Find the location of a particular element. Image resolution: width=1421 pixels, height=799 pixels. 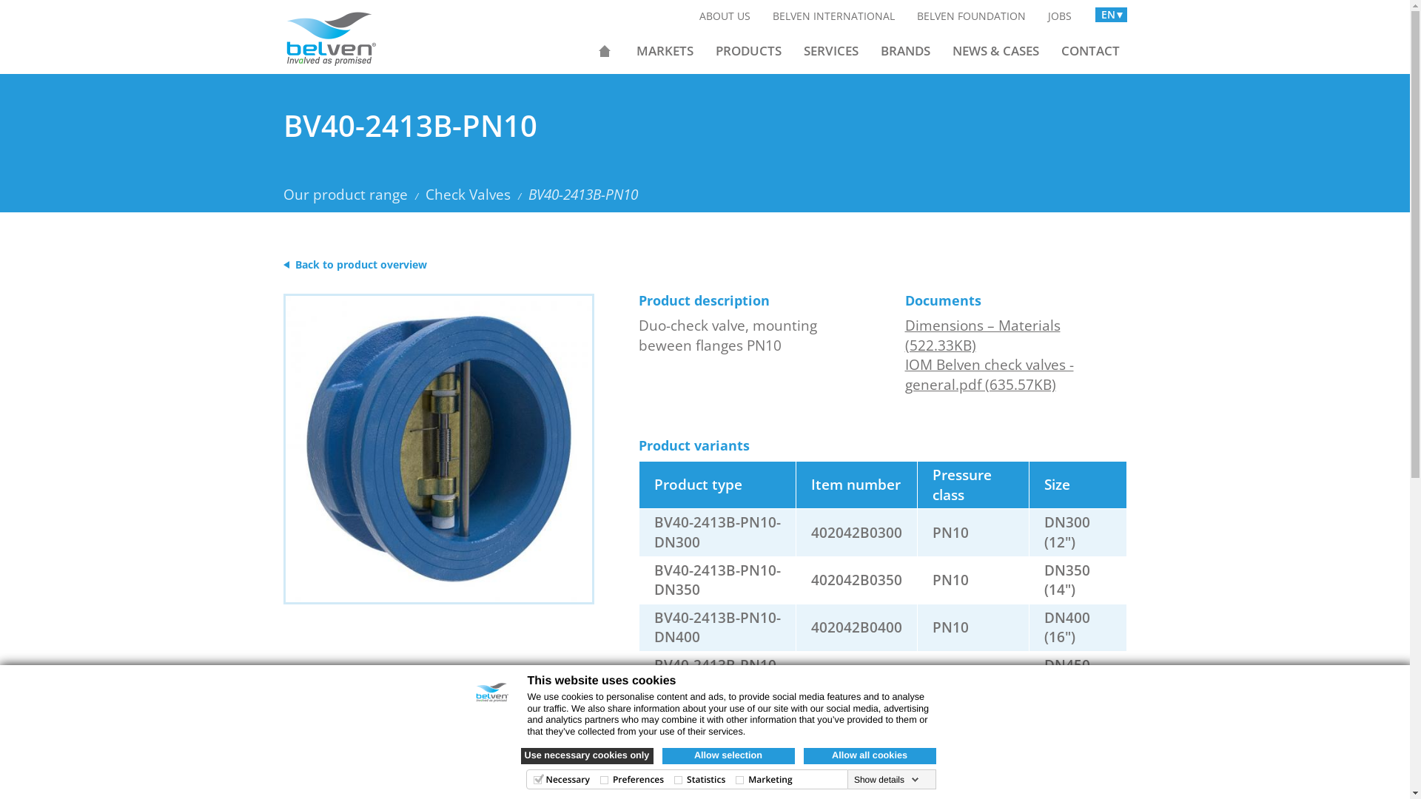

'HOME' is located at coordinates (604, 50).